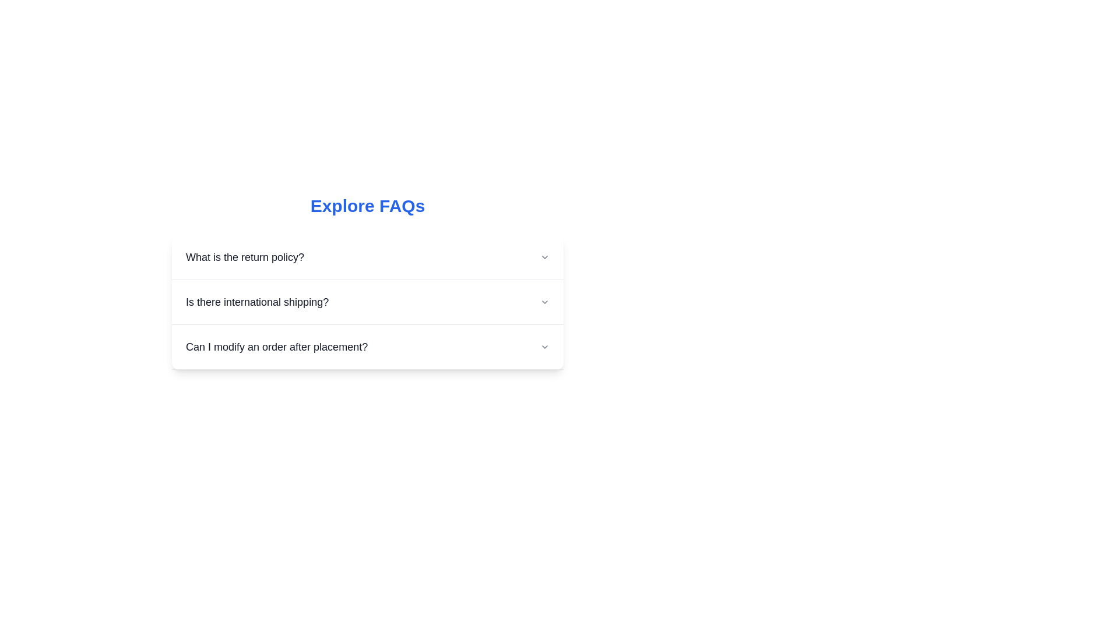 Image resolution: width=1119 pixels, height=629 pixels. I want to click on the icon located at the right side of the 'What is the return policy?' section, so click(544, 257).